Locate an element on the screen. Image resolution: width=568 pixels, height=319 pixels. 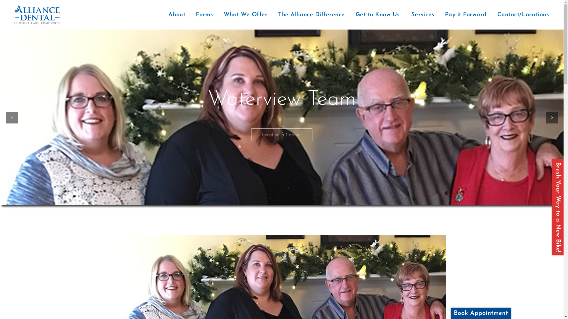
'The Alliance Difference' is located at coordinates (311, 14).